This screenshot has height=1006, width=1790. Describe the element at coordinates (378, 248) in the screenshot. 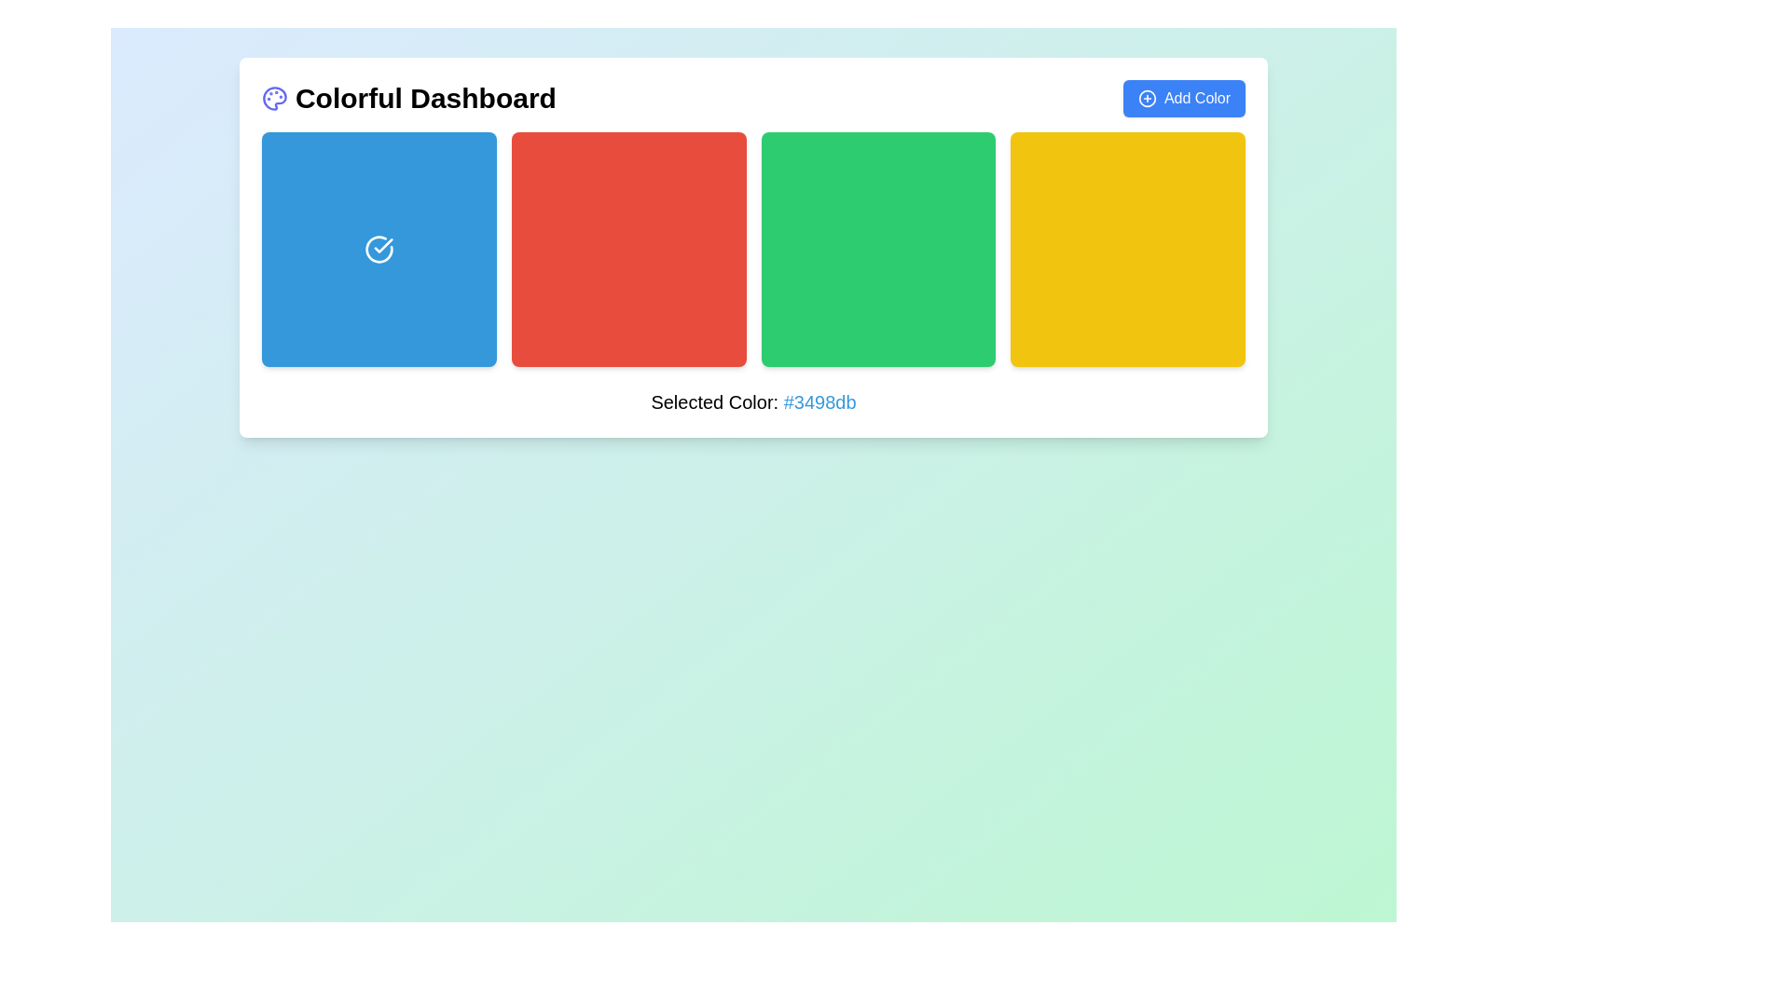

I see `the first colorful button in the top row of the dashboard` at that location.